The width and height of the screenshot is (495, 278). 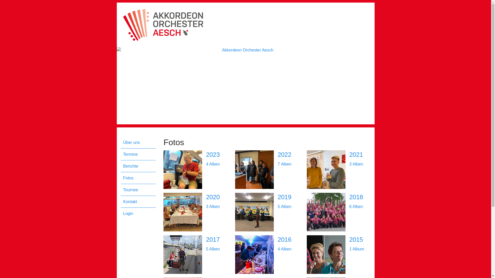 What do you see at coordinates (139, 166) in the screenshot?
I see `'Berichte'` at bounding box center [139, 166].